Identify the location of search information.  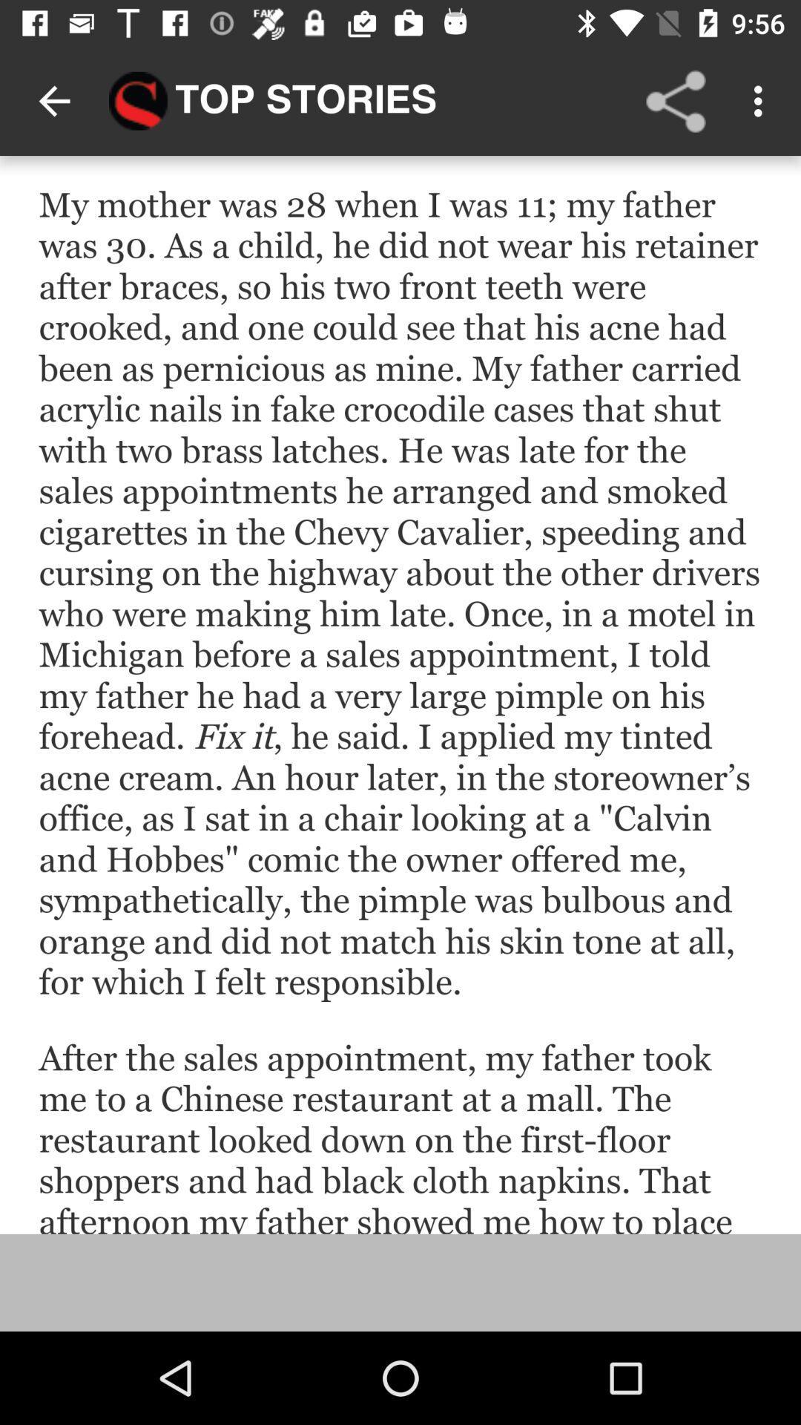
(400, 694).